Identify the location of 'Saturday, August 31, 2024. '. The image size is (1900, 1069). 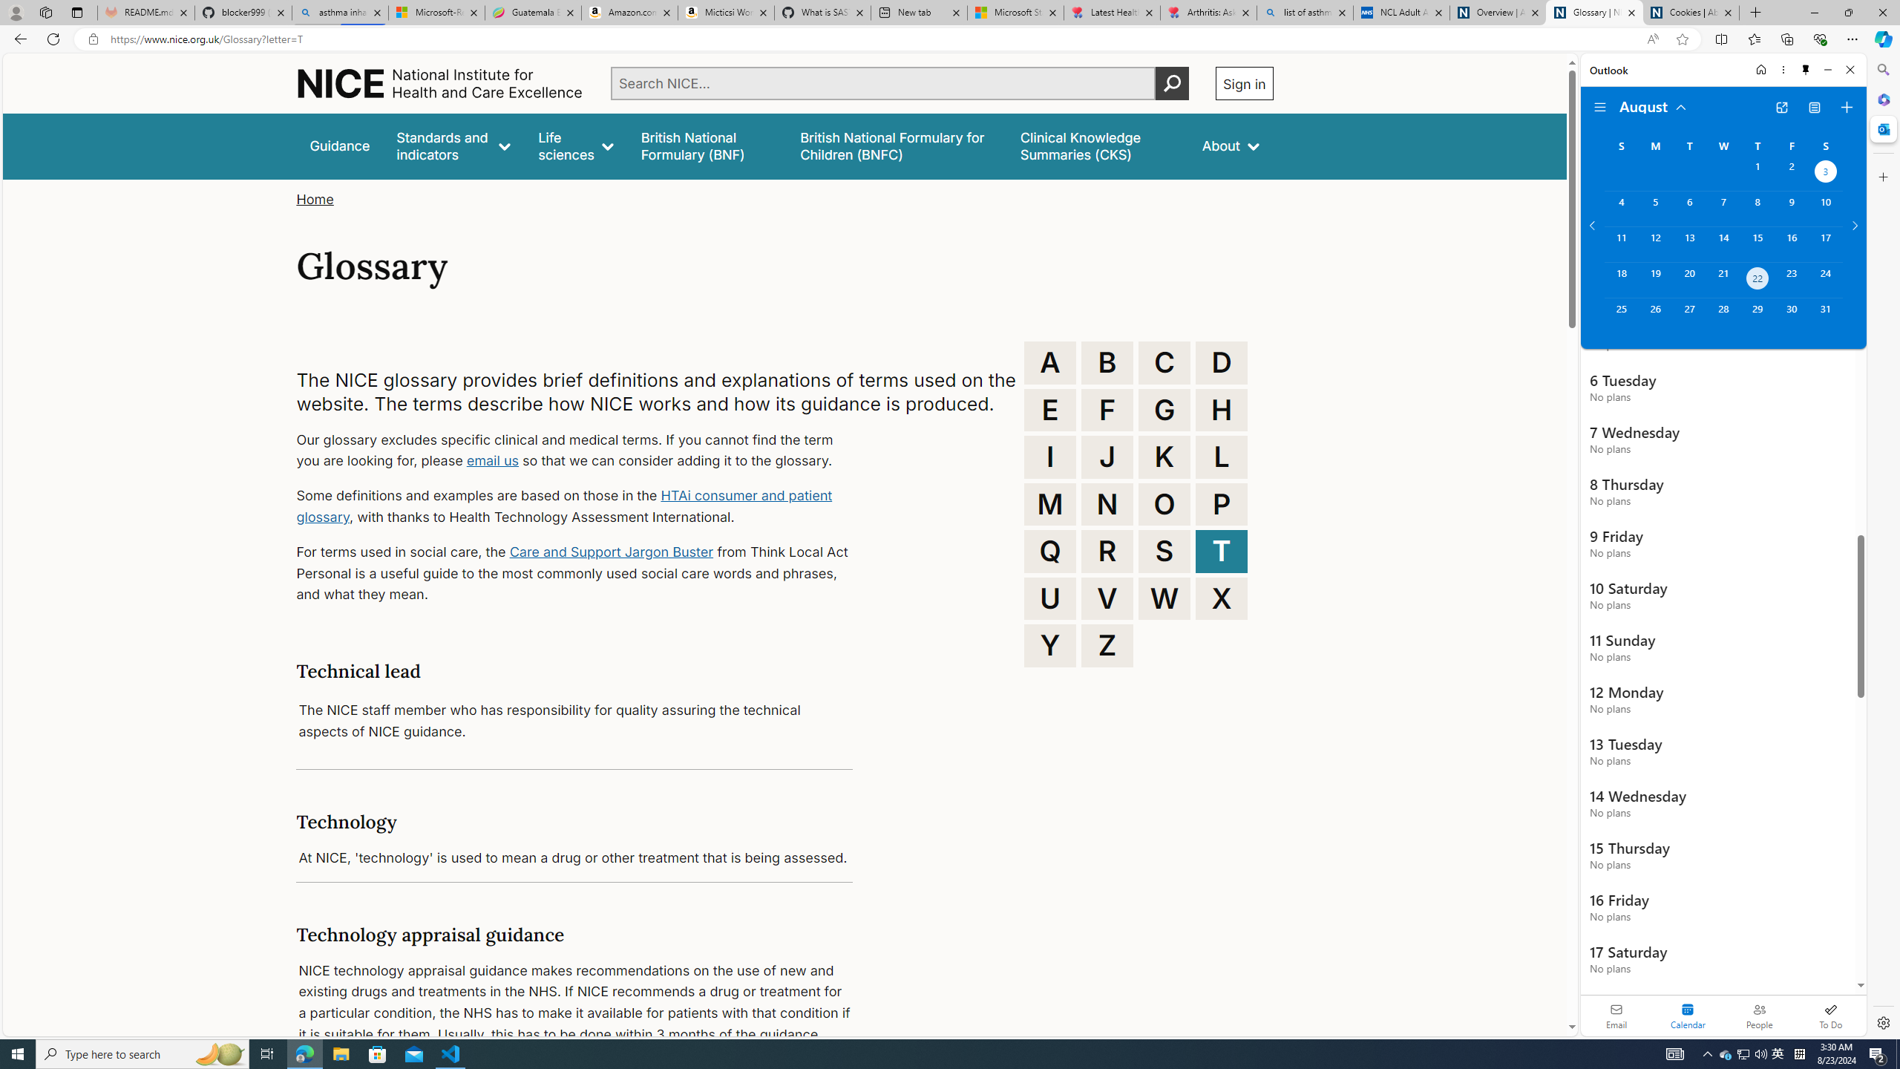
(1825, 316).